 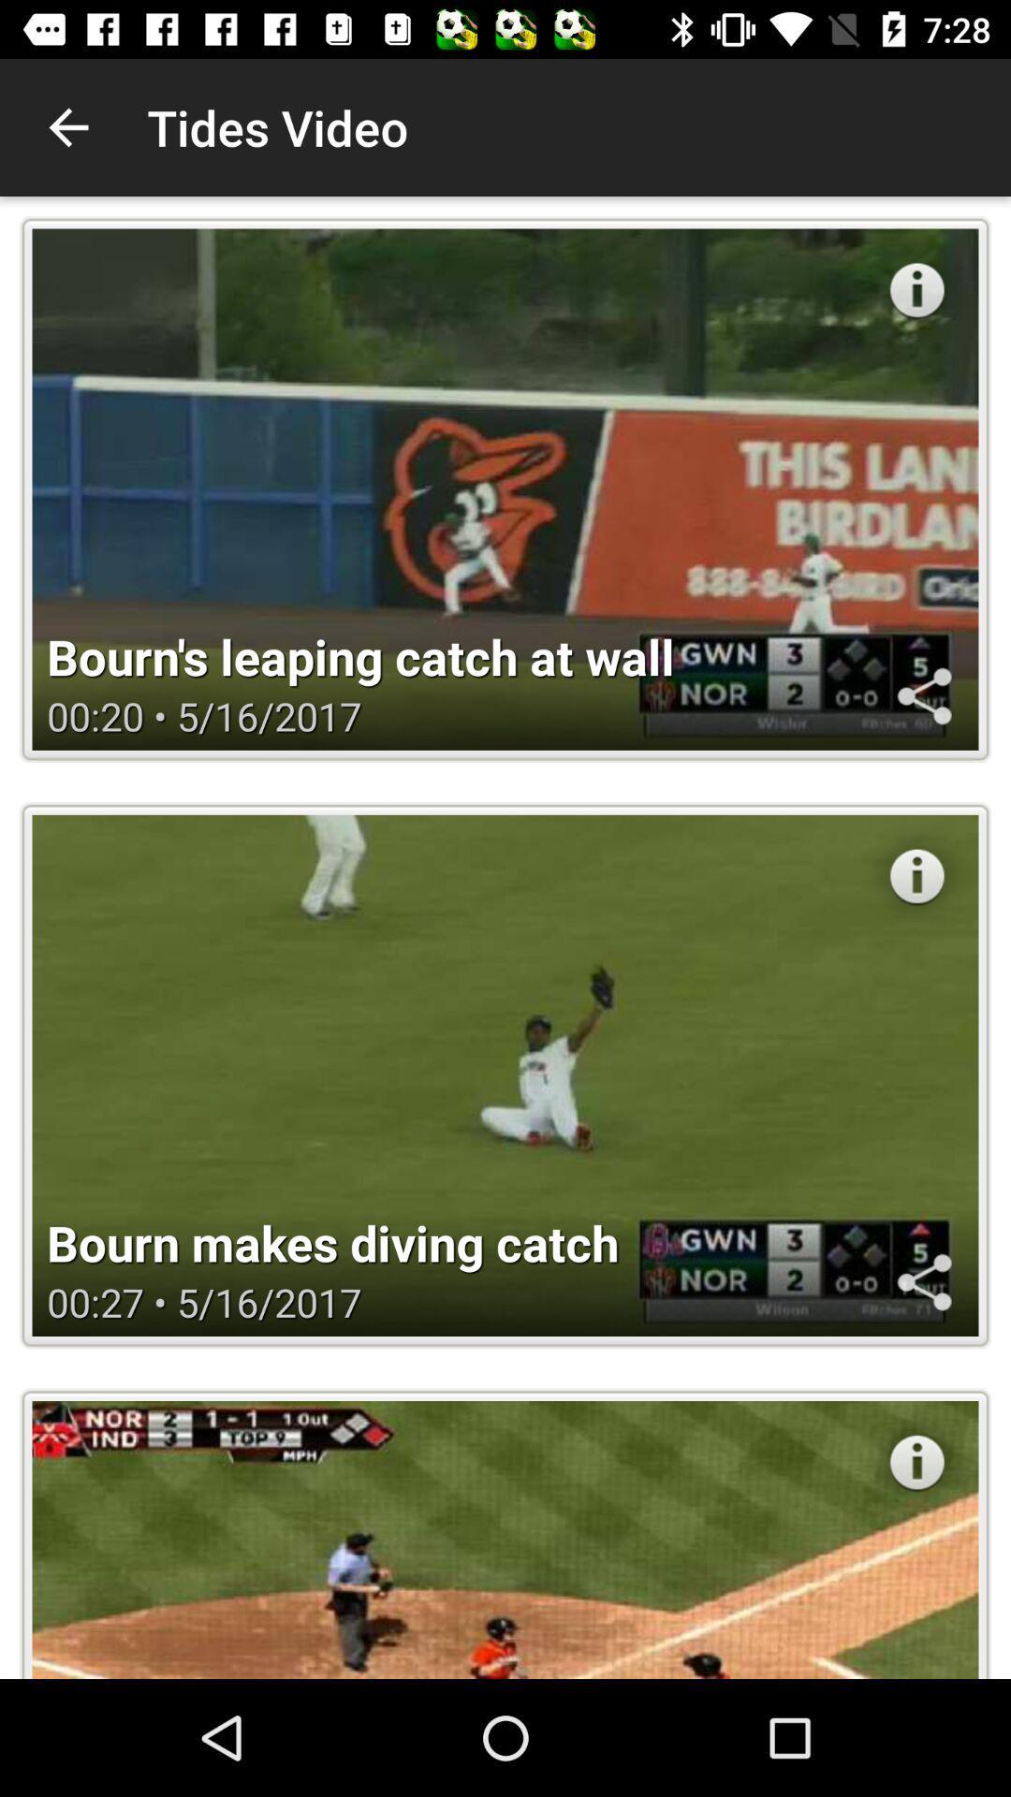 What do you see at coordinates (916, 875) in the screenshot?
I see `click on the information symbol` at bounding box center [916, 875].